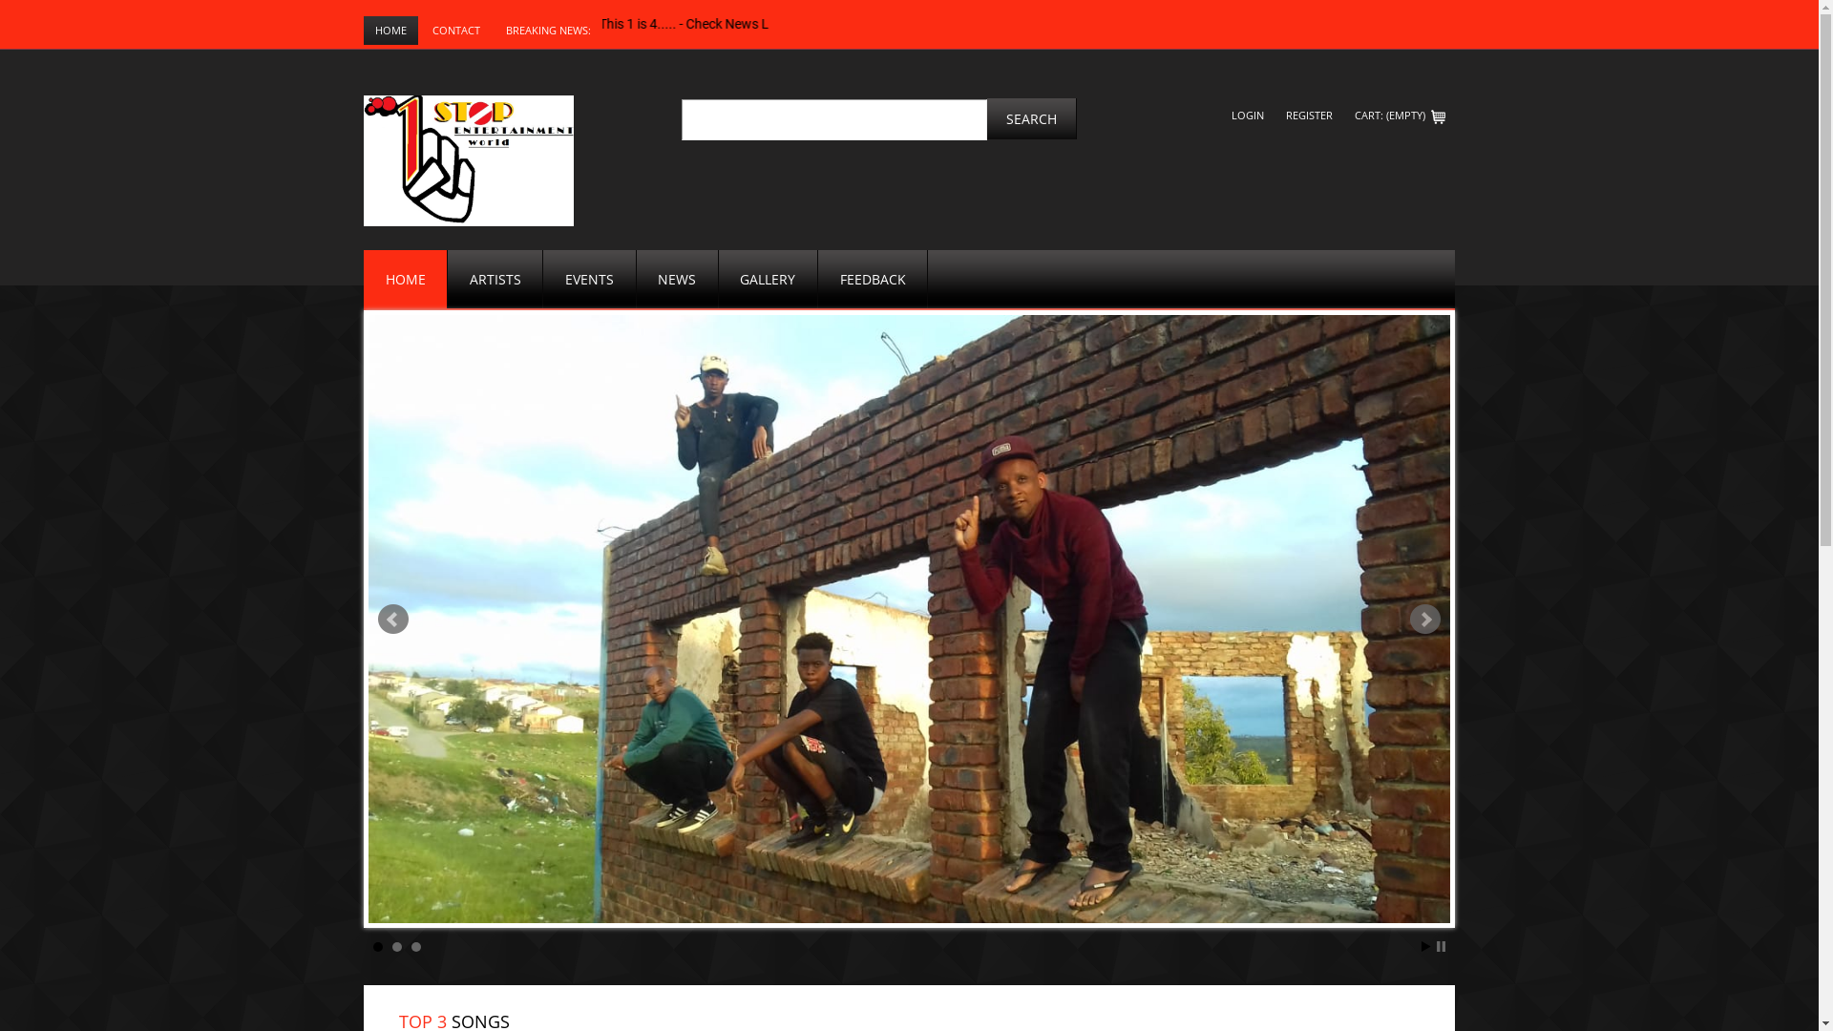 The height and width of the screenshot is (1031, 1833). Describe the element at coordinates (547, 30) in the screenshot. I see `'BREAKING NEWS:'` at that location.